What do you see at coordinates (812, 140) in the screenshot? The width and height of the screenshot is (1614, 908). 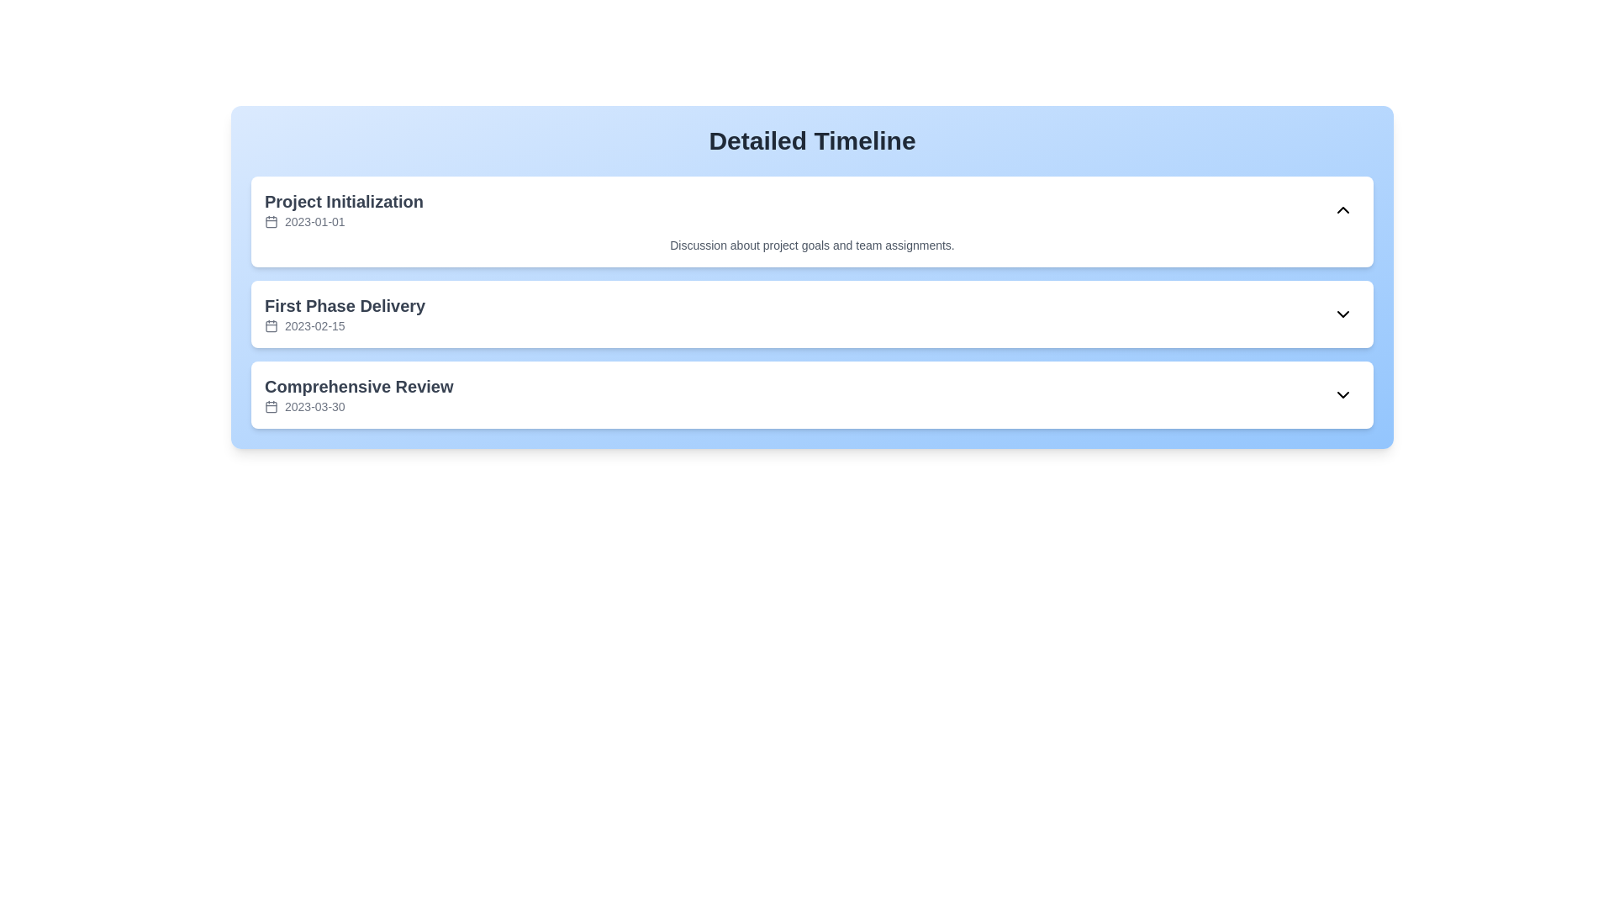 I see `the text label displaying 'Detailed Timeline', which is styled with a bold title font and located at the top of a section with a blue gradient background` at bounding box center [812, 140].